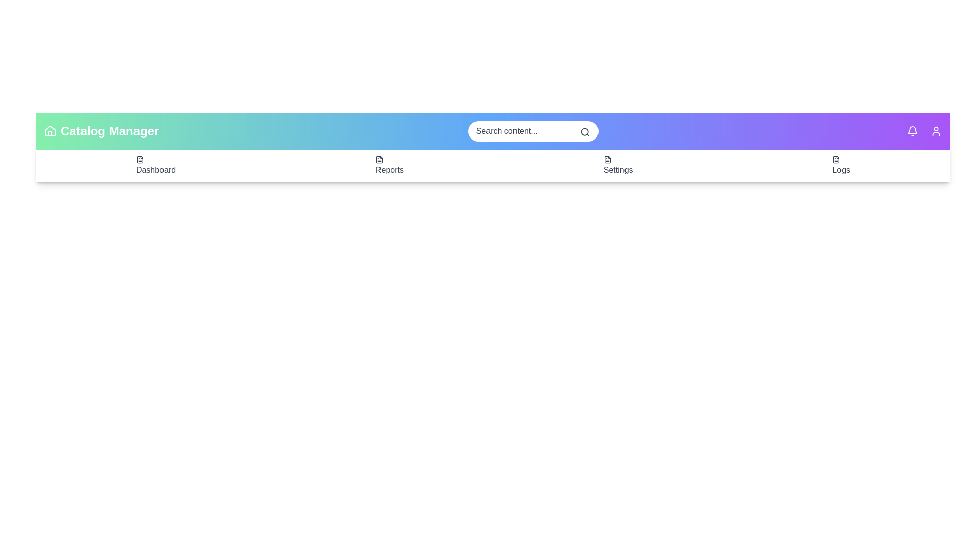 This screenshot has width=978, height=550. I want to click on the Home icon to navigate to the home page, so click(50, 131).